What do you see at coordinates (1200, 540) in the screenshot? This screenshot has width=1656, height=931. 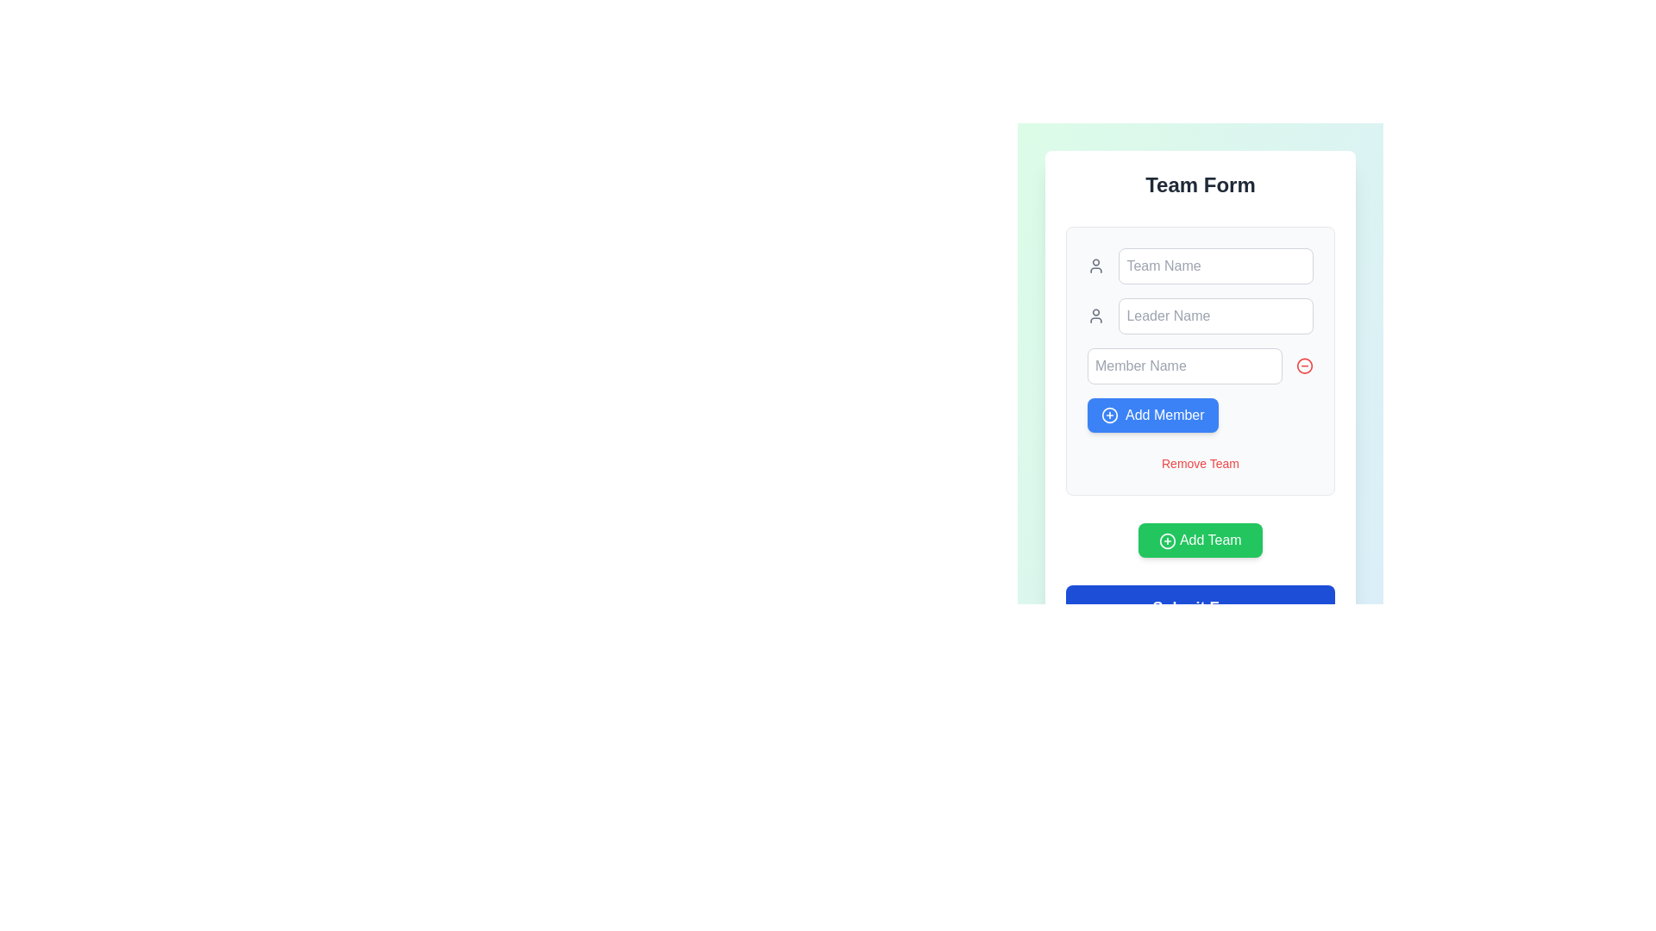 I see `the button located at the bottom of the form area, centered horizontally` at bounding box center [1200, 540].